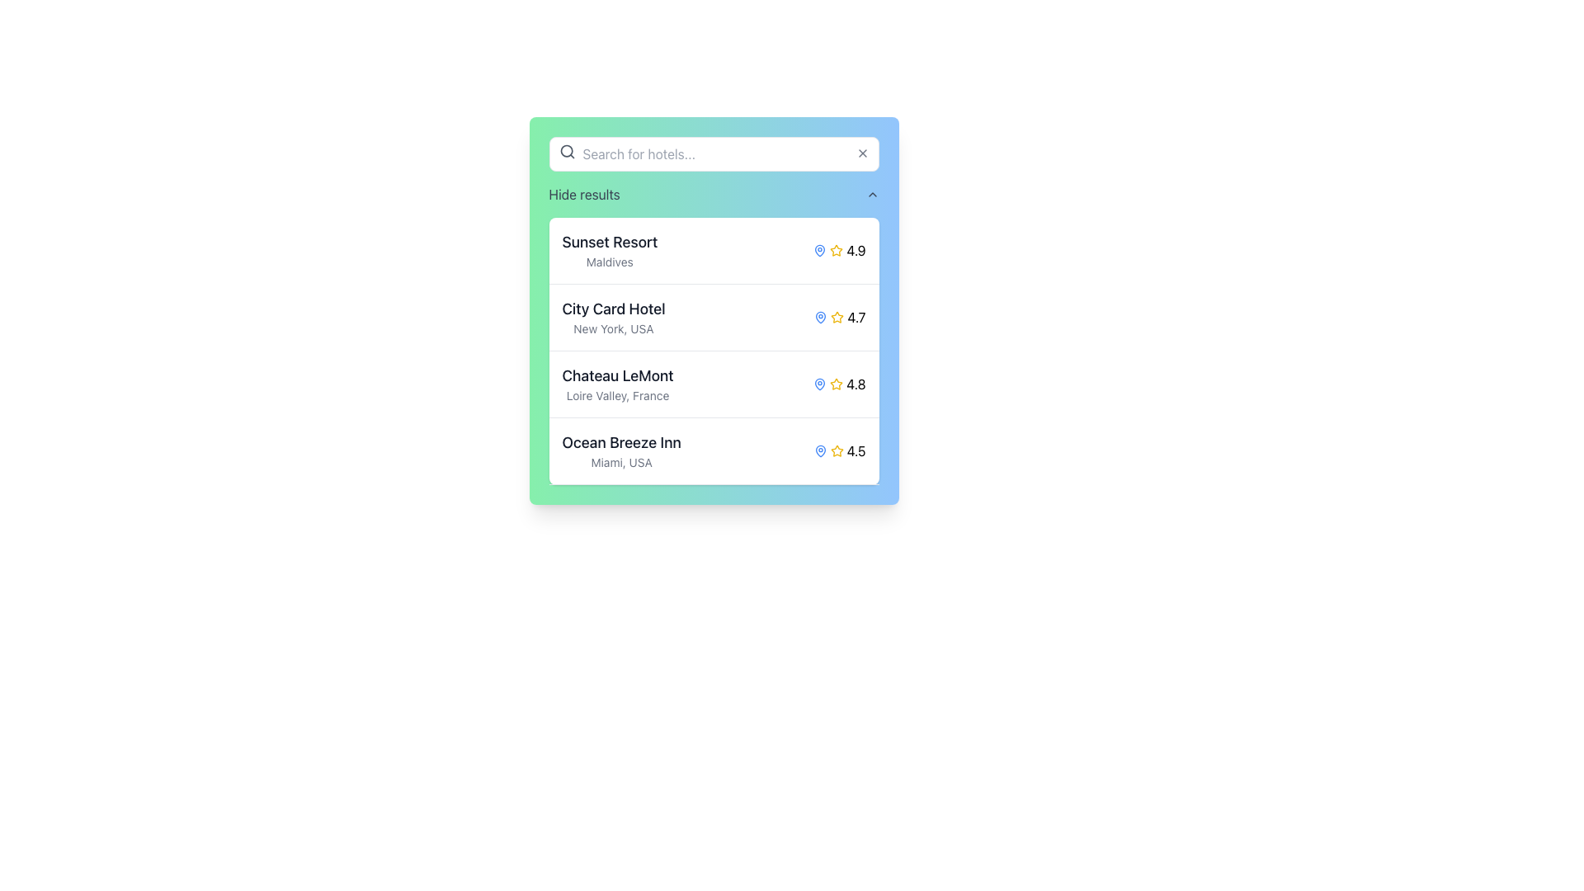 This screenshot has width=1584, height=891. What do you see at coordinates (839, 451) in the screenshot?
I see `the numeric text component displaying the rating '4.5' with accompanying star and location pin icons, located at the bottom right corner of the card for 'Ocean Breeze Inn'` at bounding box center [839, 451].